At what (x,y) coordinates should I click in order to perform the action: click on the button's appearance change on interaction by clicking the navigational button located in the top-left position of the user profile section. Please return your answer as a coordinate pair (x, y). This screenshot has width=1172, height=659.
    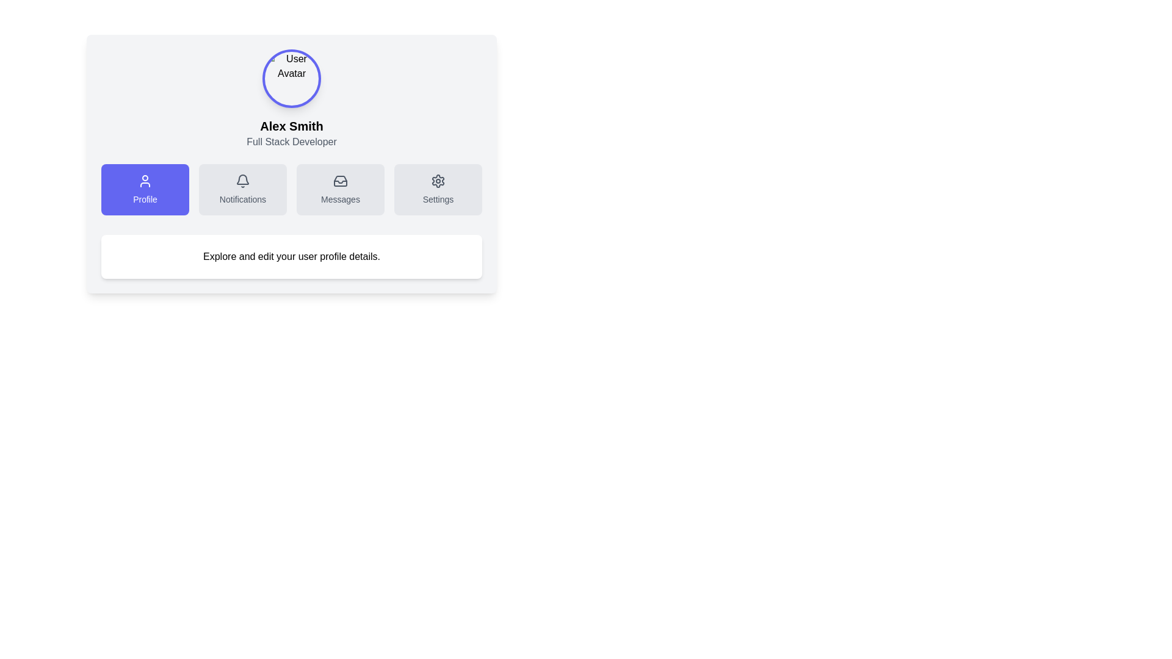
    Looking at the image, I should click on (145, 190).